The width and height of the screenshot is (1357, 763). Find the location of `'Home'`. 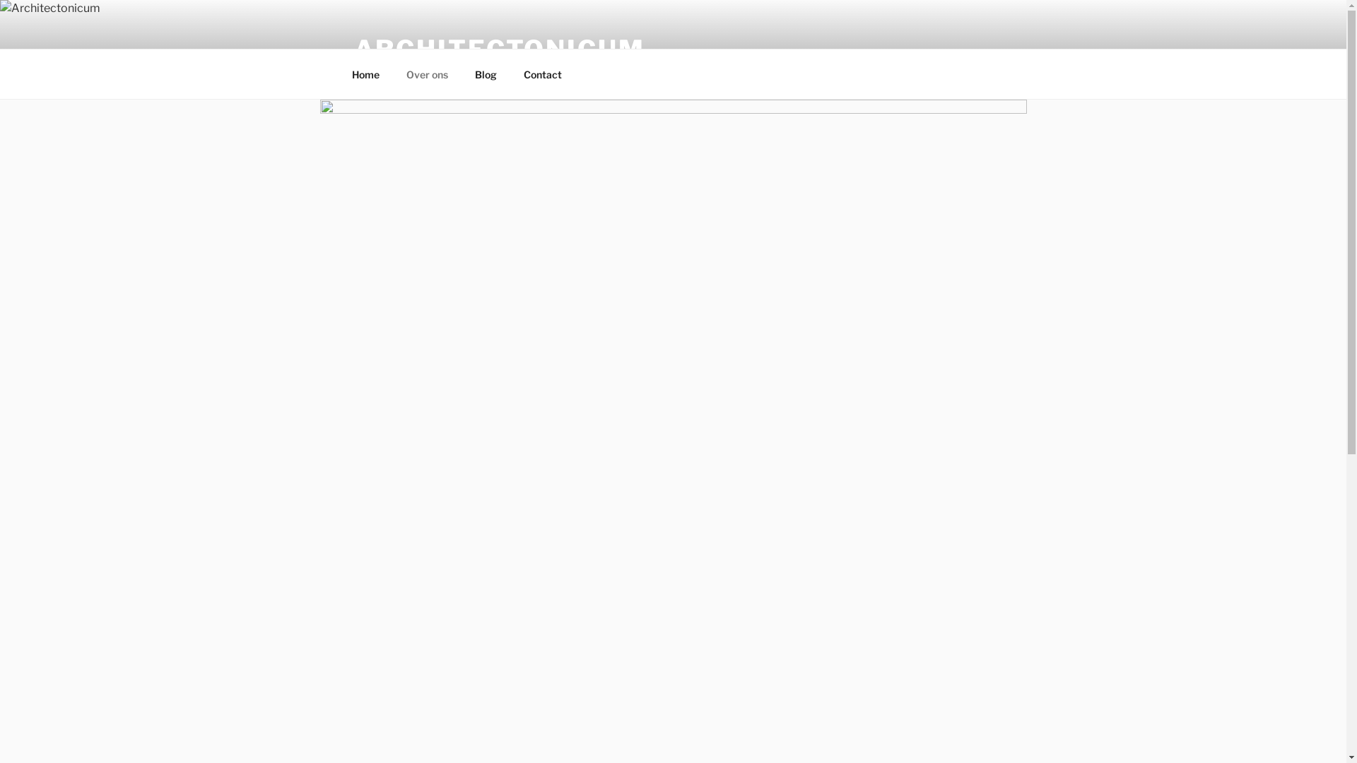

'Home' is located at coordinates (365, 73).